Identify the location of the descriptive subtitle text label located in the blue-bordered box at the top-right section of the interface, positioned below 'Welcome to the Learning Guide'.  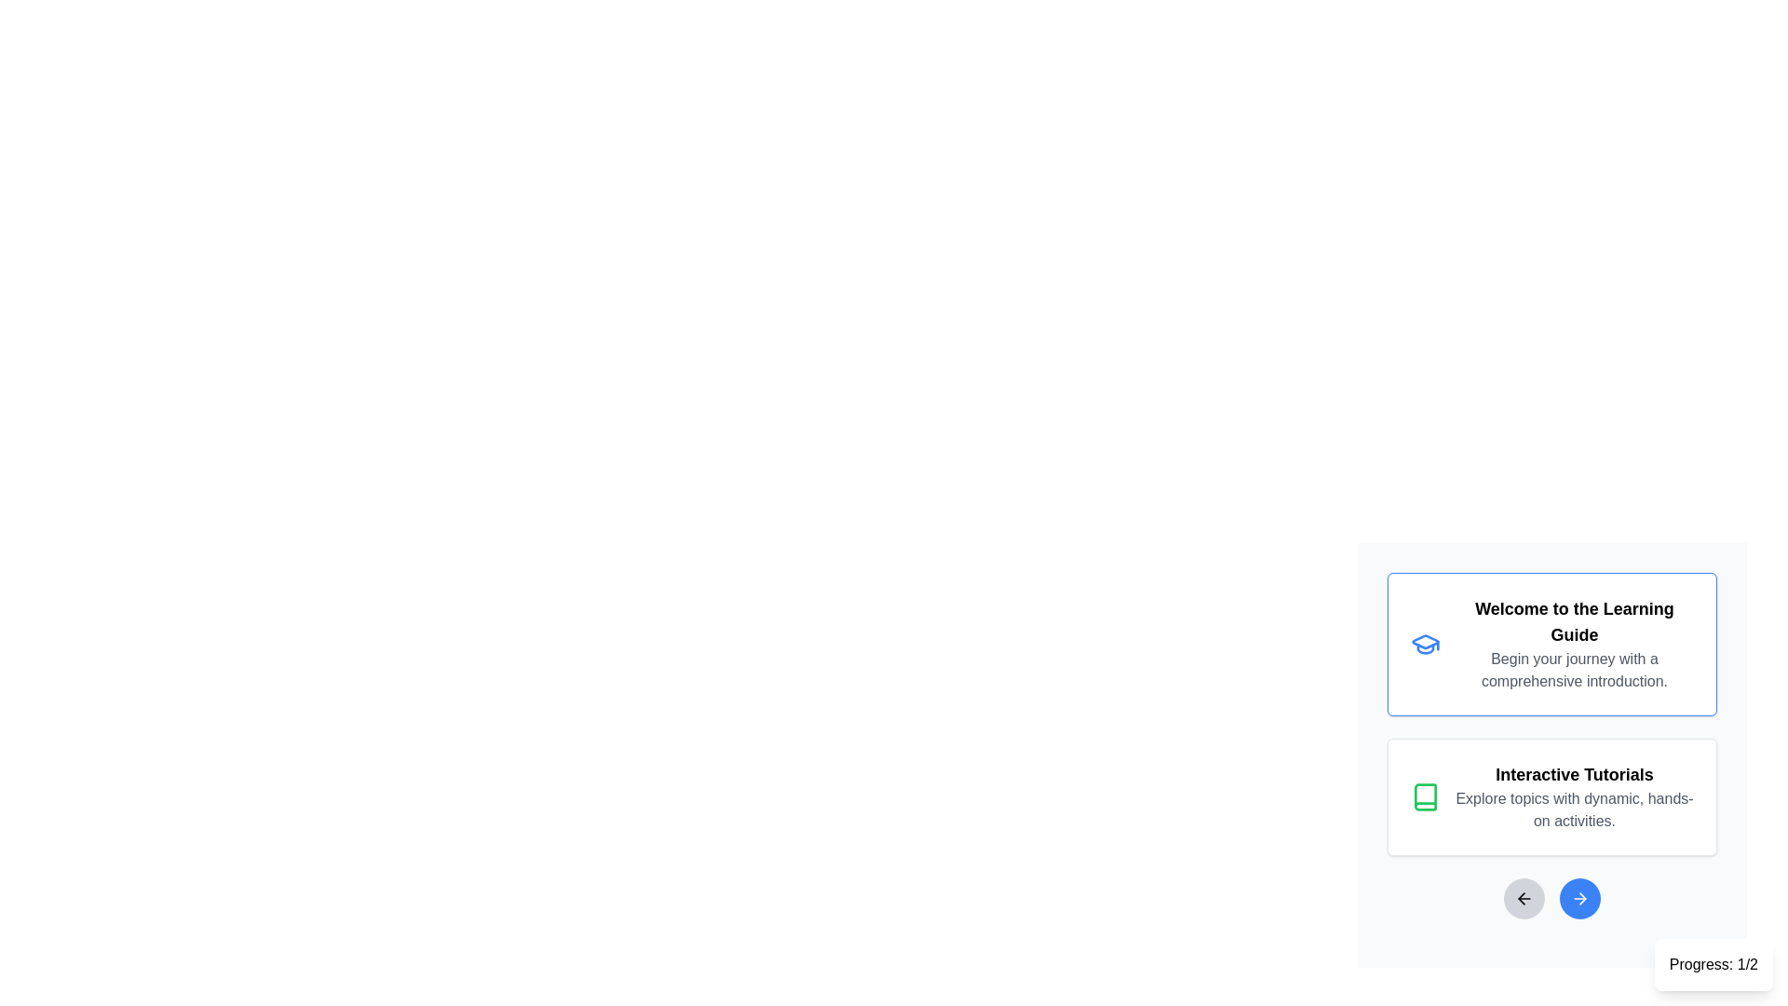
(1573, 671).